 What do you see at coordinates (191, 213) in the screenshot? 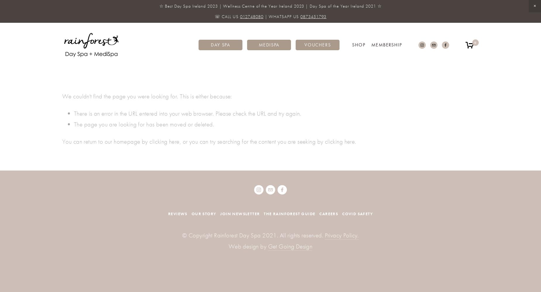
I see `'OUR STORY'` at bounding box center [191, 213].